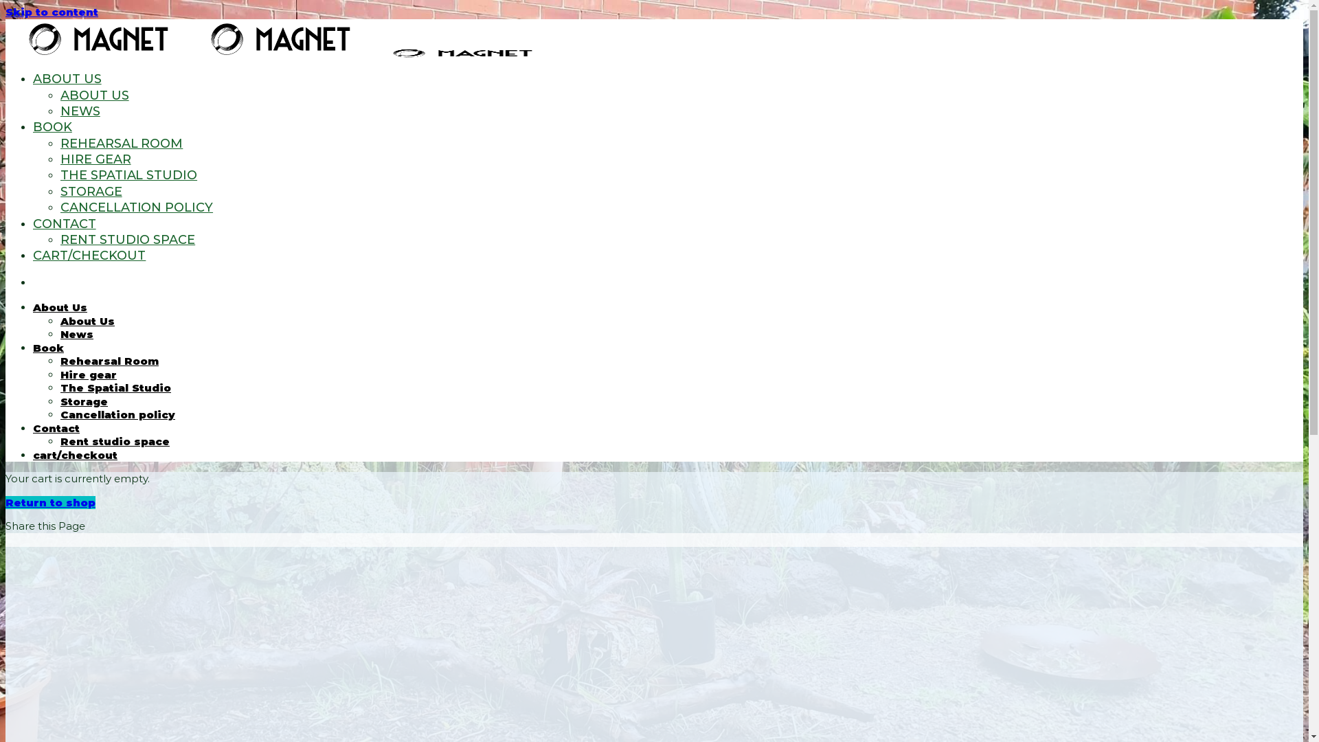  I want to click on 'About Us', so click(59, 321).